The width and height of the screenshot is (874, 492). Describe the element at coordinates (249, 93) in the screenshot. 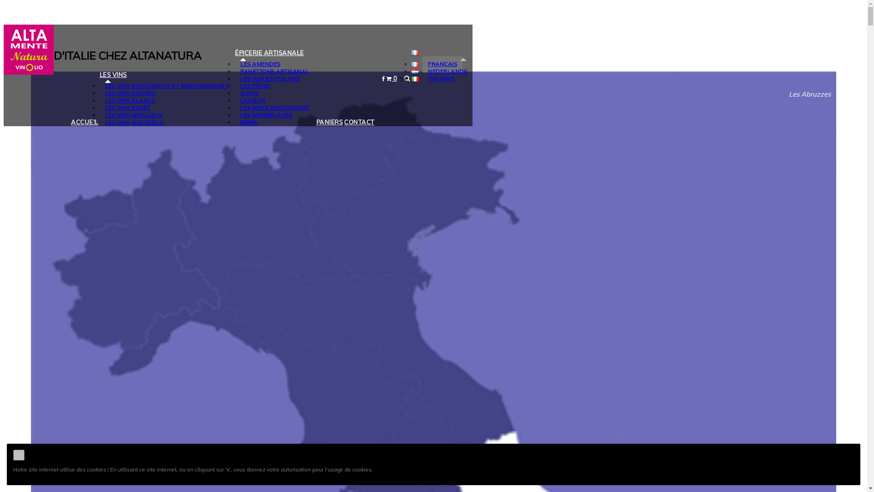

I see `'SUGHI'` at that location.